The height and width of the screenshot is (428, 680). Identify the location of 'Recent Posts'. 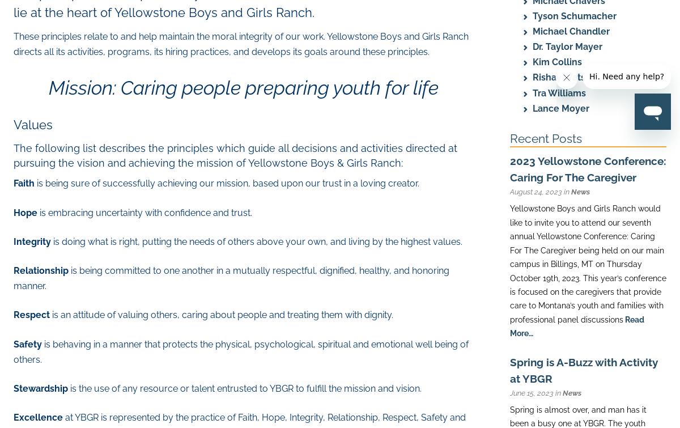
(546, 138).